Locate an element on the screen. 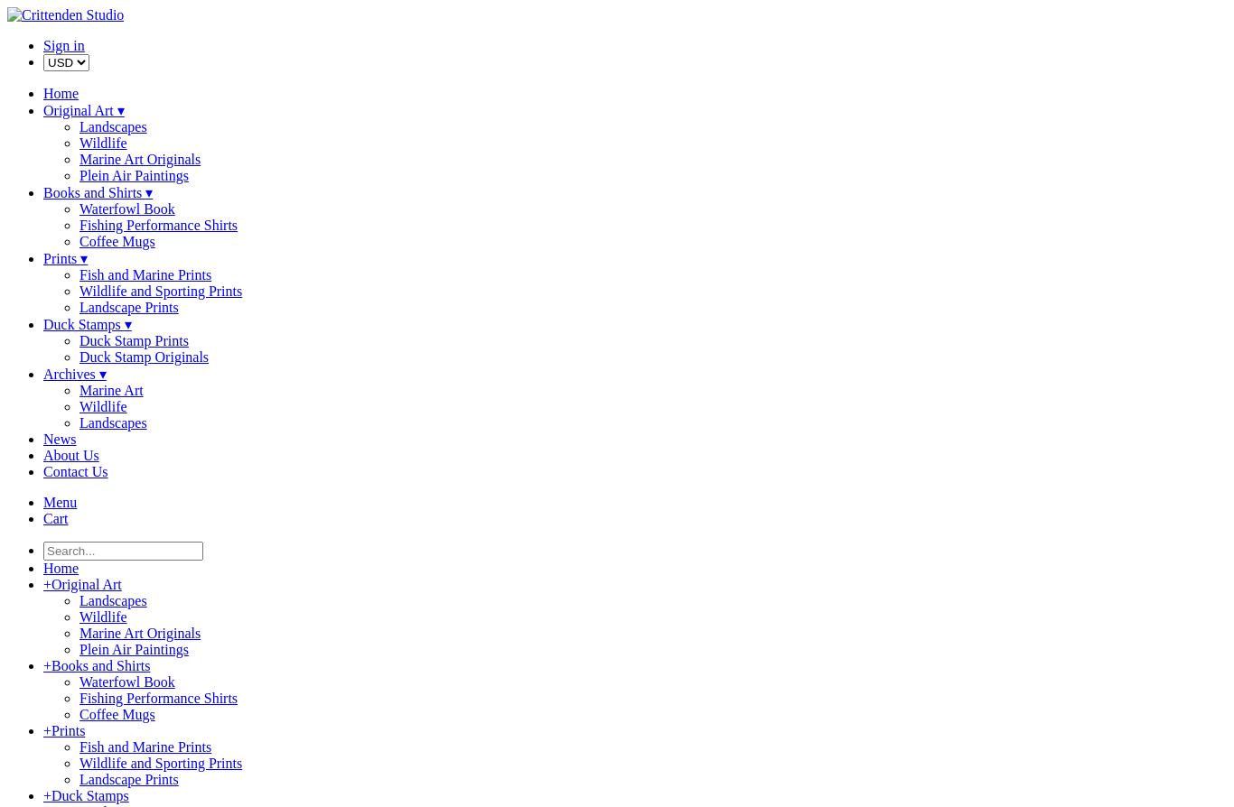 The width and height of the screenshot is (1234, 807). 'News' is located at coordinates (59, 439).